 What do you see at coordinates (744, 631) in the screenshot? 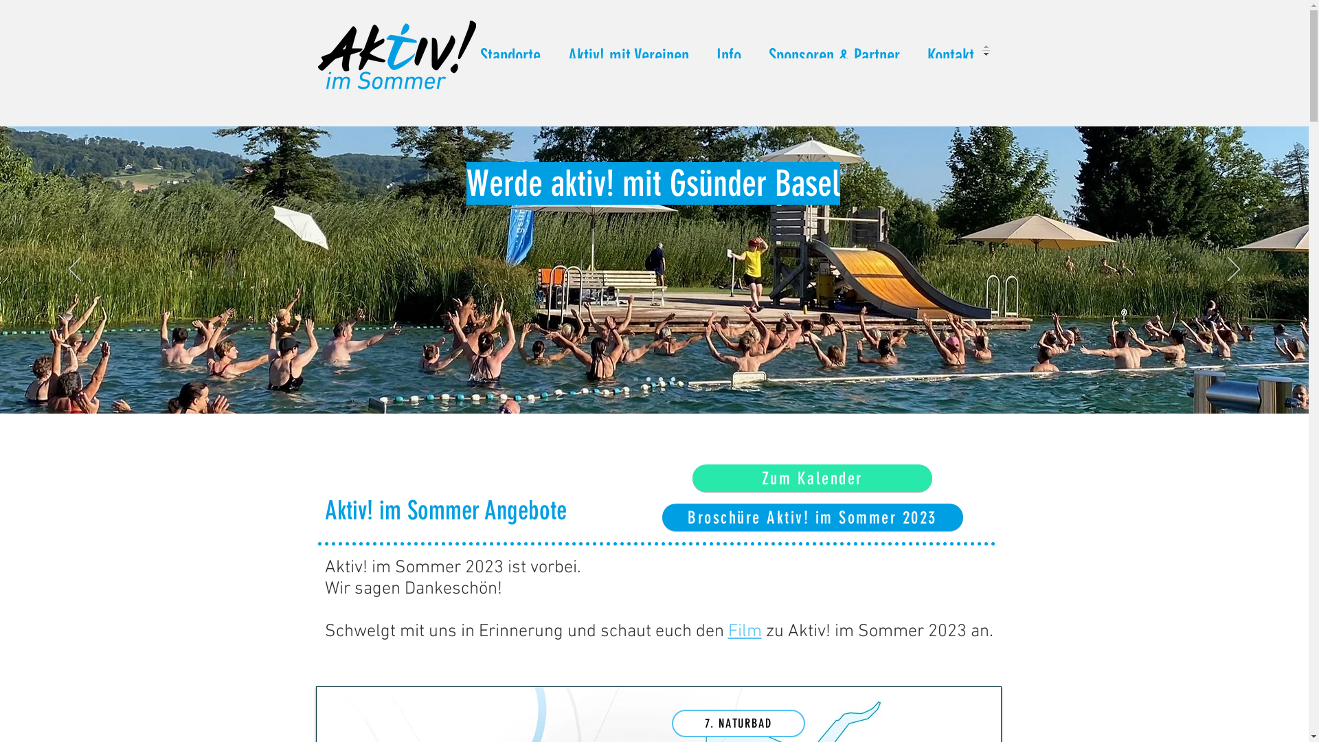
I see `'Film'` at bounding box center [744, 631].